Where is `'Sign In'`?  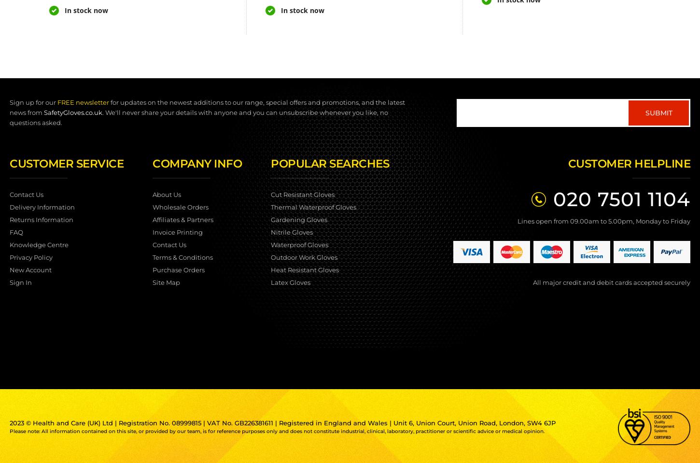 'Sign In' is located at coordinates (10, 281).